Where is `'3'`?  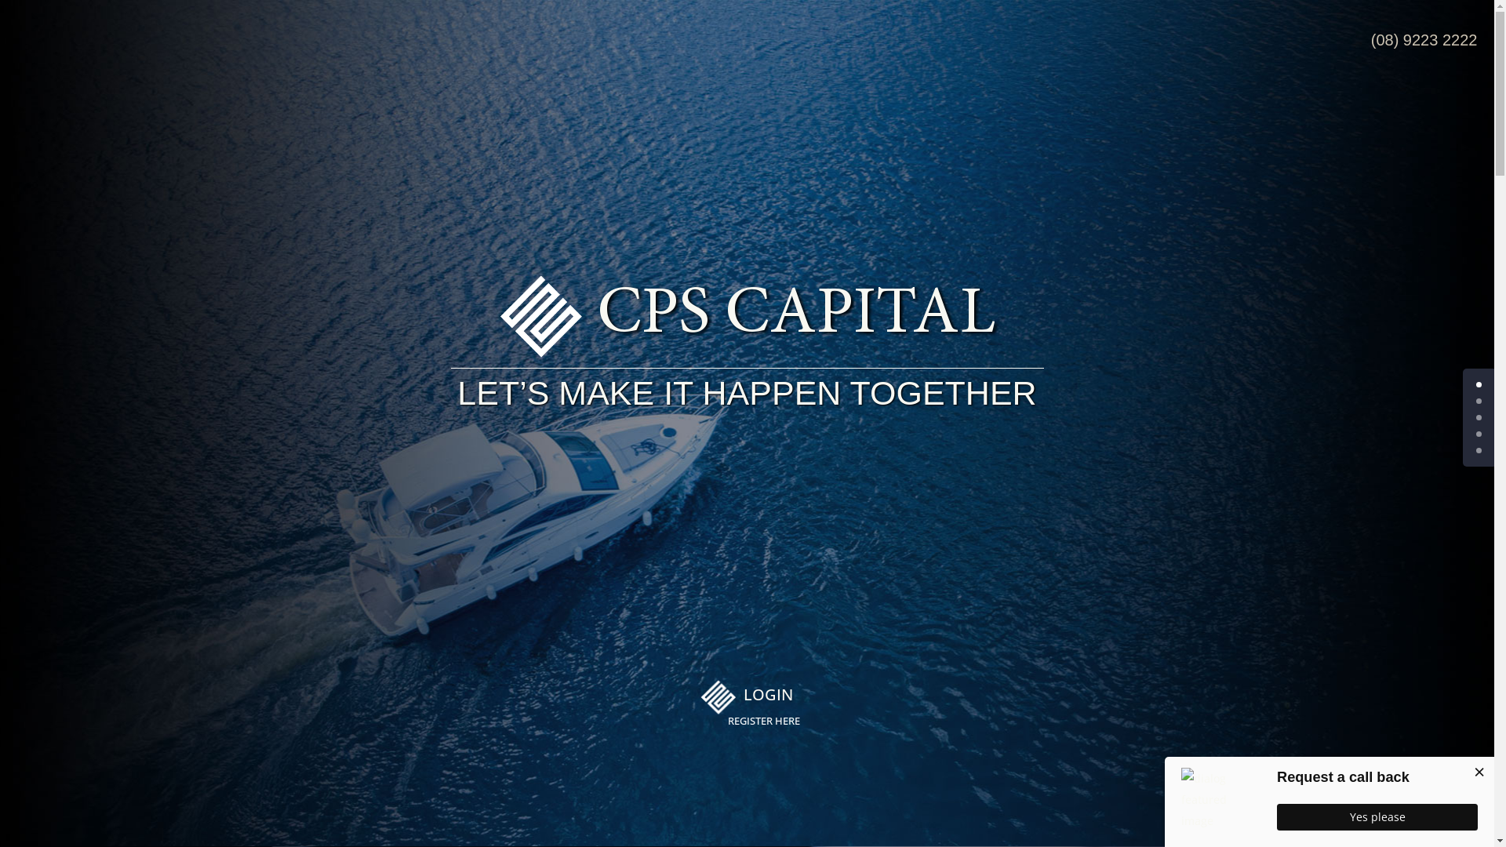
'3' is located at coordinates (1478, 434).